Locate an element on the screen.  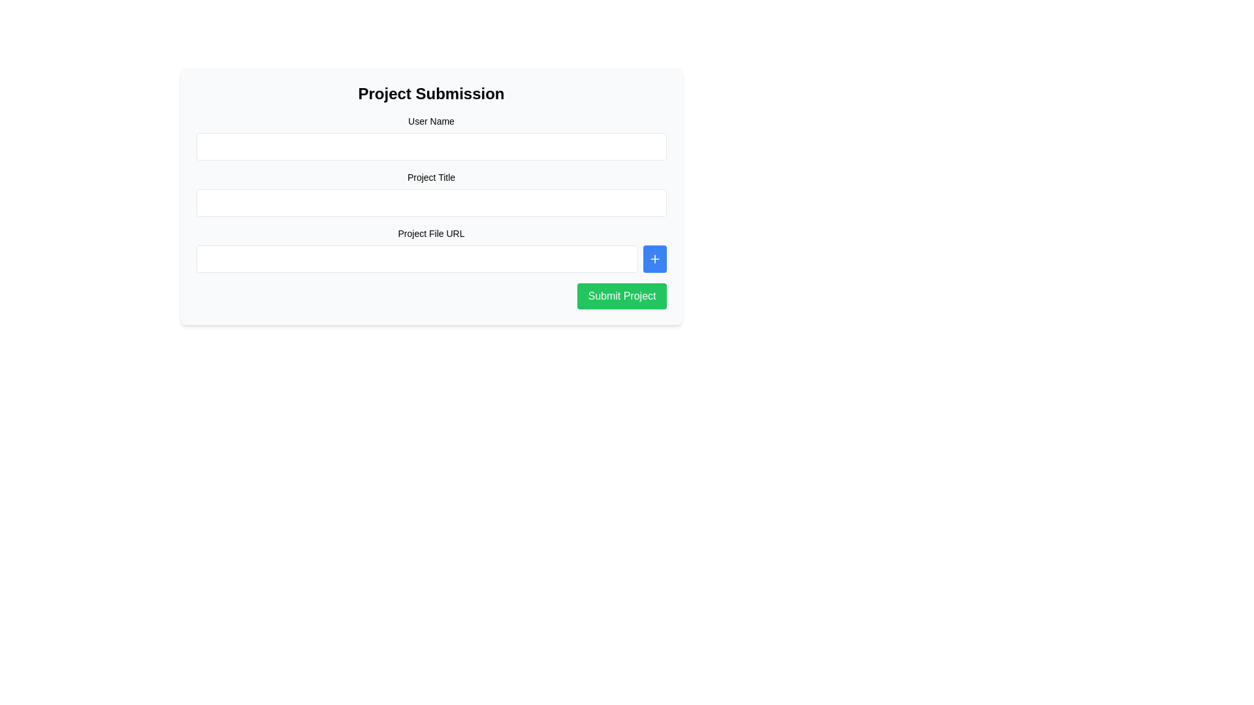
the text label indicating that the field is for entering the user name, which is located at the top-left portion of the input form area is located at coordinates (431, 121).